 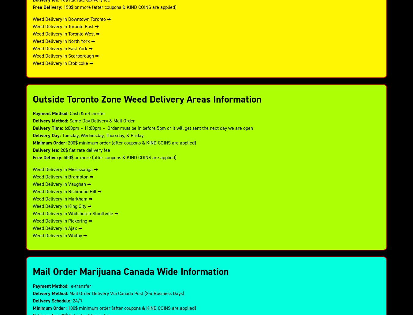 What do you see at coordinates (63, 63) in the screenshot?
I see `'Weed Delivery in Etobicoke ⮕'` at bounding box center [63, 63].